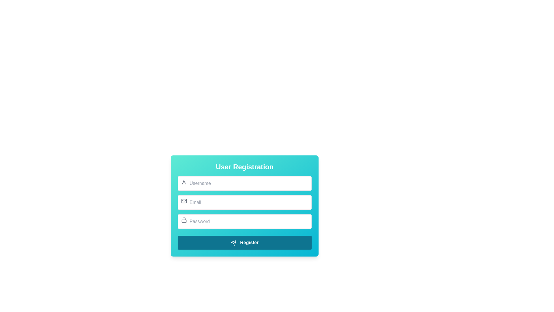 Image resolution: width=554 pixels, height=312 pixels. What do you see at coordinates (184, 200) in the screenshot?
I see `the email input field represented by the mail icon located on the left side of the email input field in the user registration form` at bounding box center [184, 200].